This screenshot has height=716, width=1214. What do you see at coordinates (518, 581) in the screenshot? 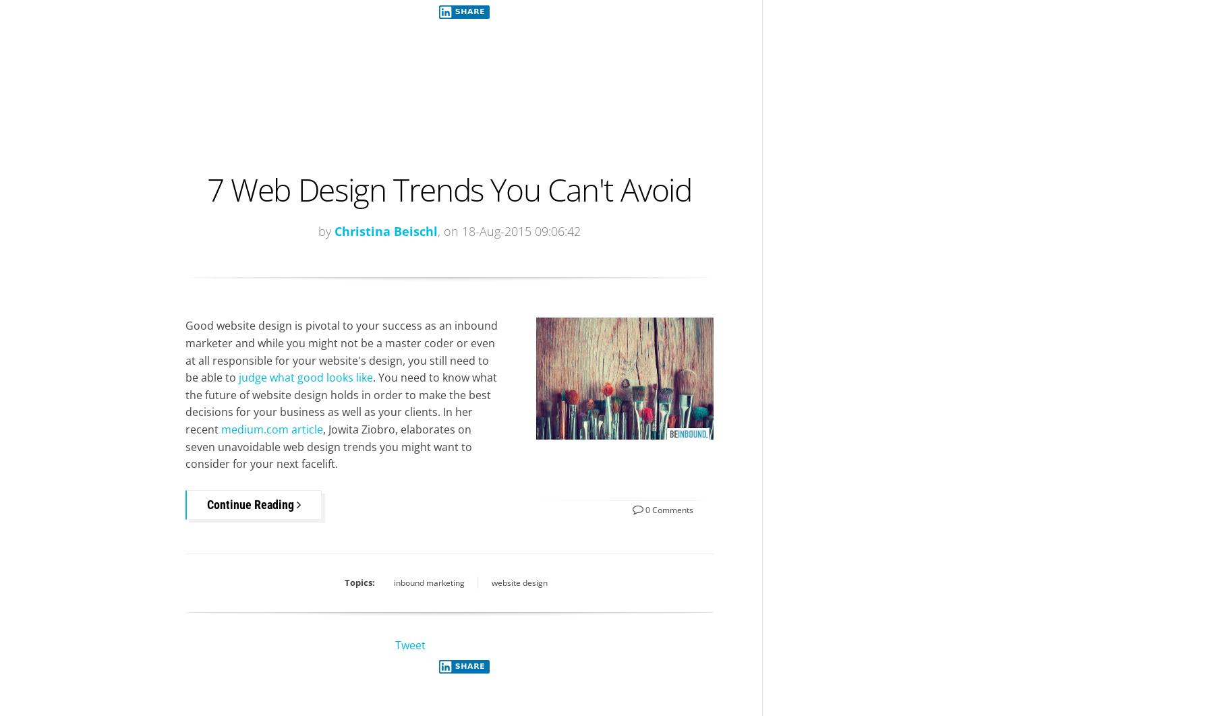
I see `'website design'` at bounding box center [518, 581].